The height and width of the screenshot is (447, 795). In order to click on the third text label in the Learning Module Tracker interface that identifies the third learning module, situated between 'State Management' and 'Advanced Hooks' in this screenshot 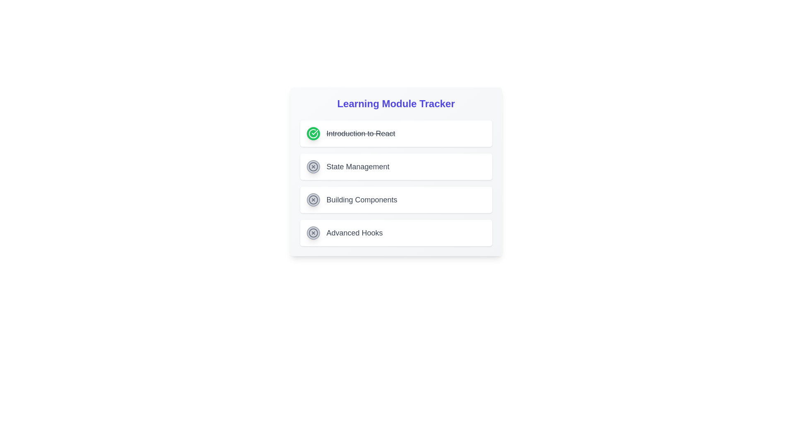, I will do `click(361, 199)`.